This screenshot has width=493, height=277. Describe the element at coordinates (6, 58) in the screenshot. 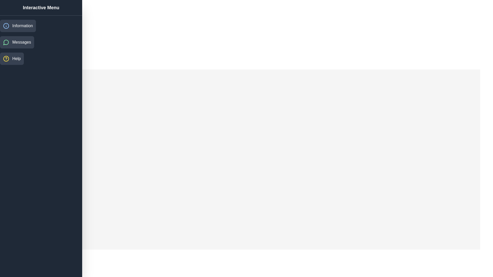

I see `the circular 'Help' icon with a yellow border and question mark design to receive tooltip information` at that location.